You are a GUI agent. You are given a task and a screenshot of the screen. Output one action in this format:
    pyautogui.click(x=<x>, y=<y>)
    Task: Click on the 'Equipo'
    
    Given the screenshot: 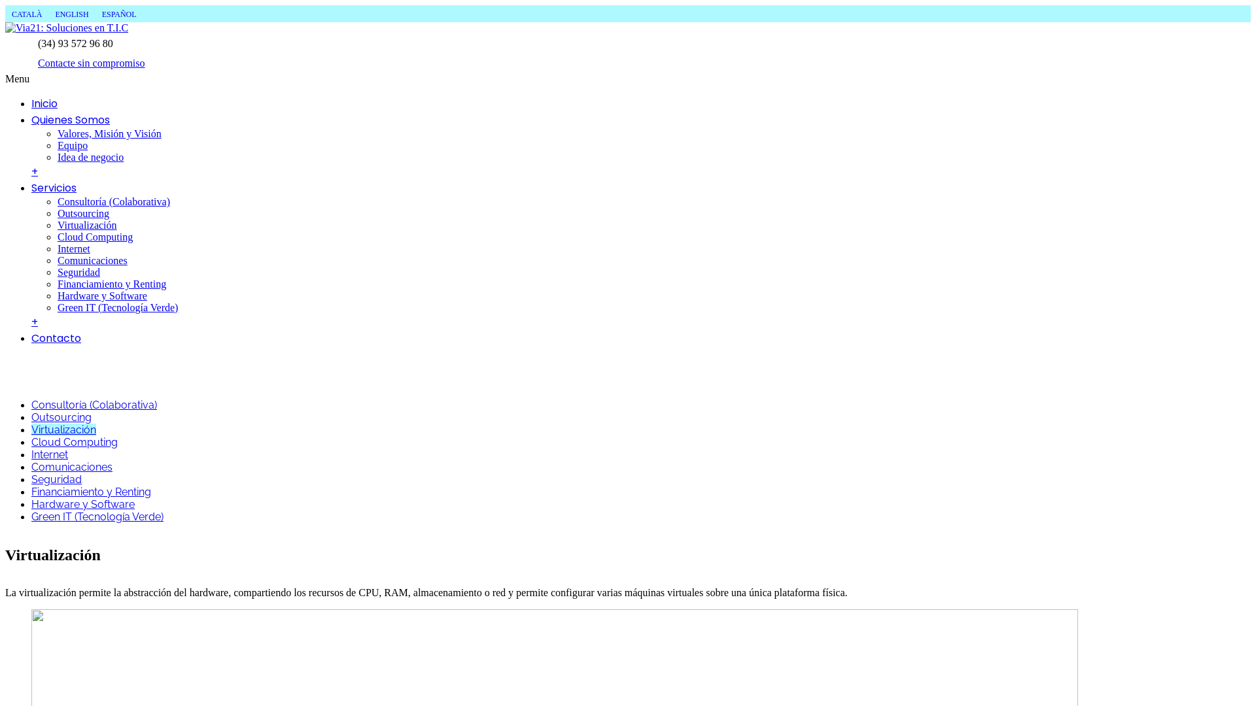 What is the action you would take?
    pyautogui.click(x=56, y=145)
    